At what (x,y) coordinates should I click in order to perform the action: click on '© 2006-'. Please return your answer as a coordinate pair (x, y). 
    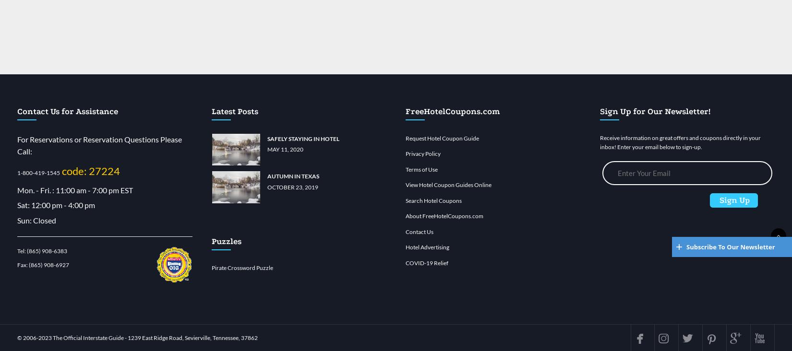
    Looking at the image, I should click on (17, 338).